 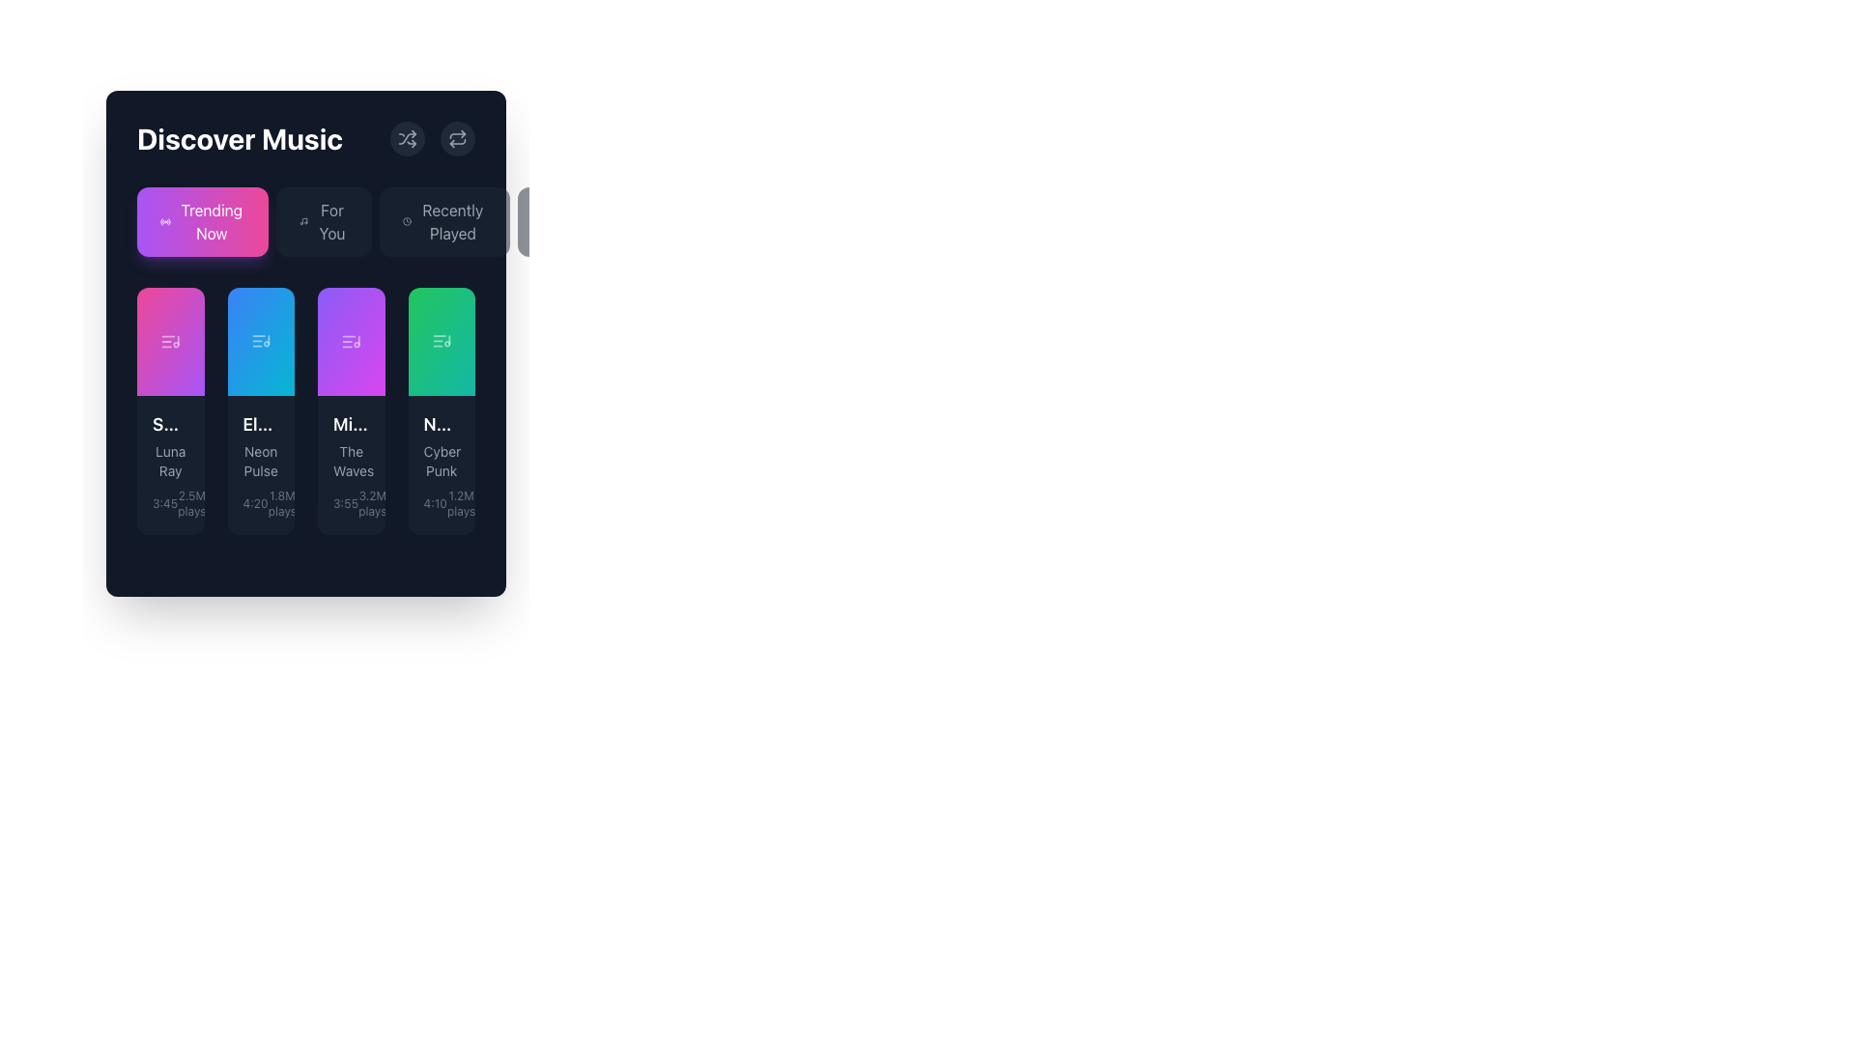 I want to click on the static text label displaying 'The Waves', which is styled in faint gray and positioned below the song title 'Midnight Drive', so click(x=351, y=462).